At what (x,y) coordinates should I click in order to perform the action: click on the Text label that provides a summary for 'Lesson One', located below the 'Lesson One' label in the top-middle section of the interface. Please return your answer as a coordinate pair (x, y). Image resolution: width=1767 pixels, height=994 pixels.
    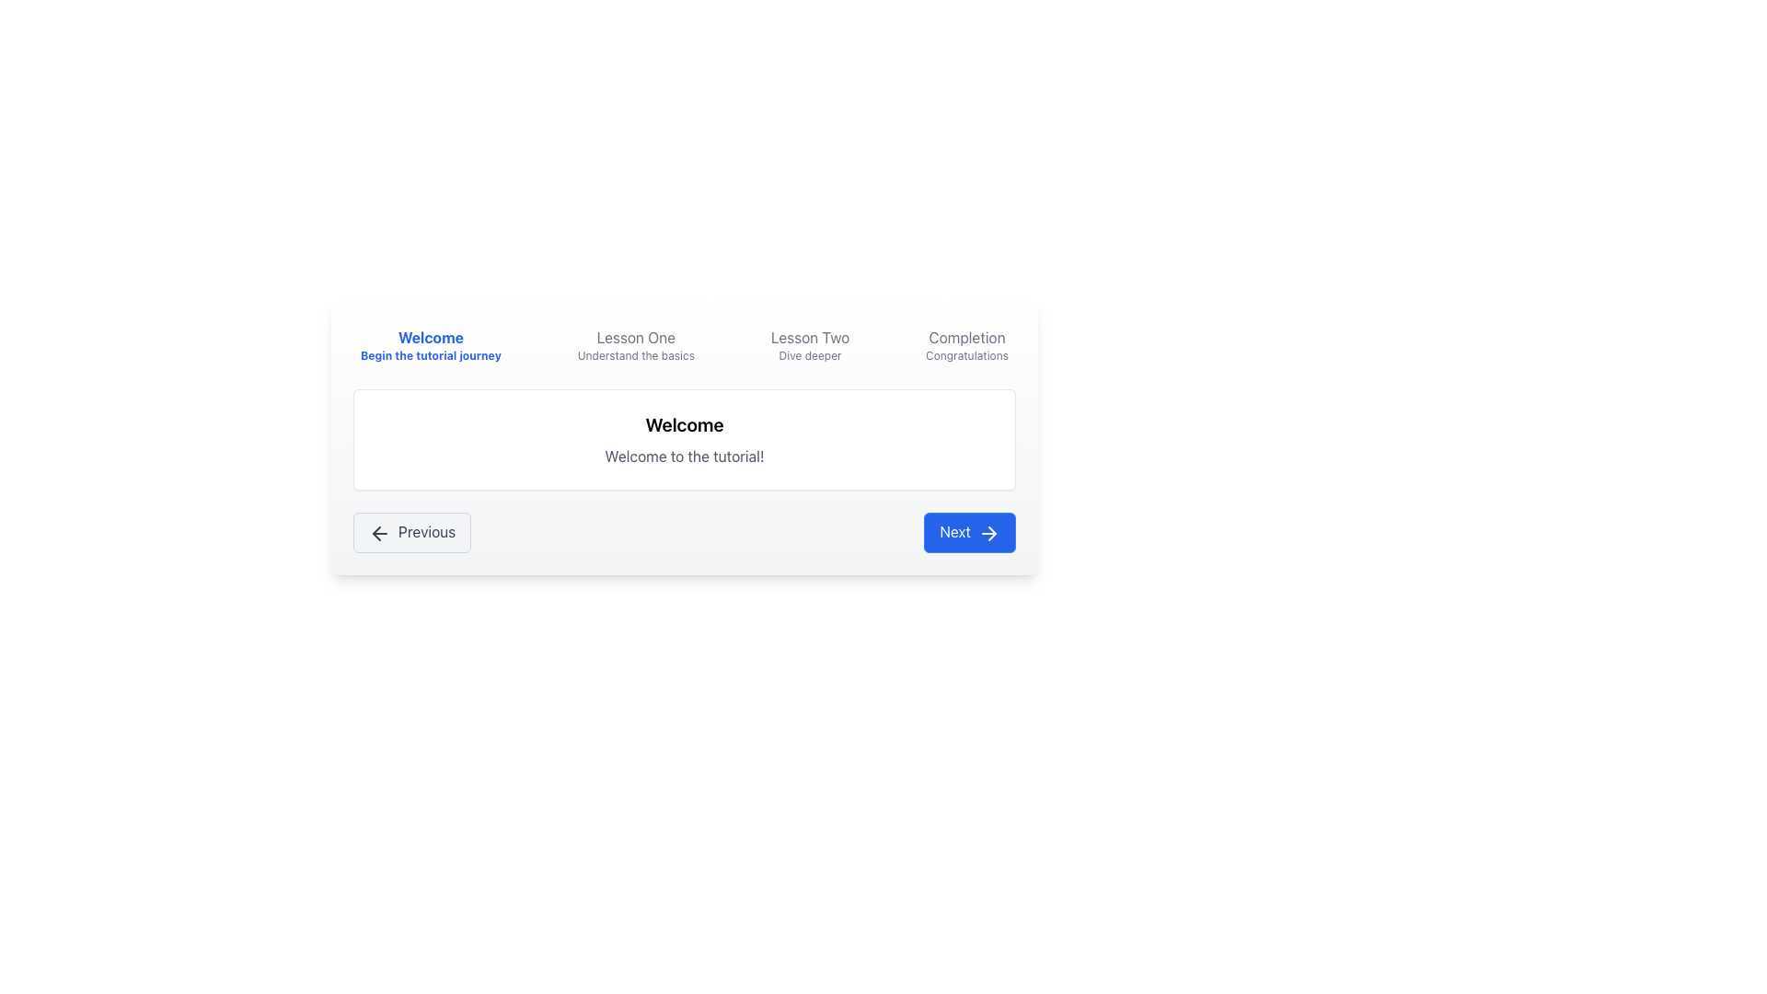
    Looking at the image, I should click on (636, 355).